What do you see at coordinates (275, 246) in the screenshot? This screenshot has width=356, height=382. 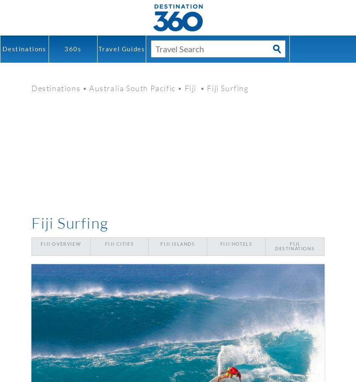 I see `'Fiji Destinations'` at bounding box center [275, 246].